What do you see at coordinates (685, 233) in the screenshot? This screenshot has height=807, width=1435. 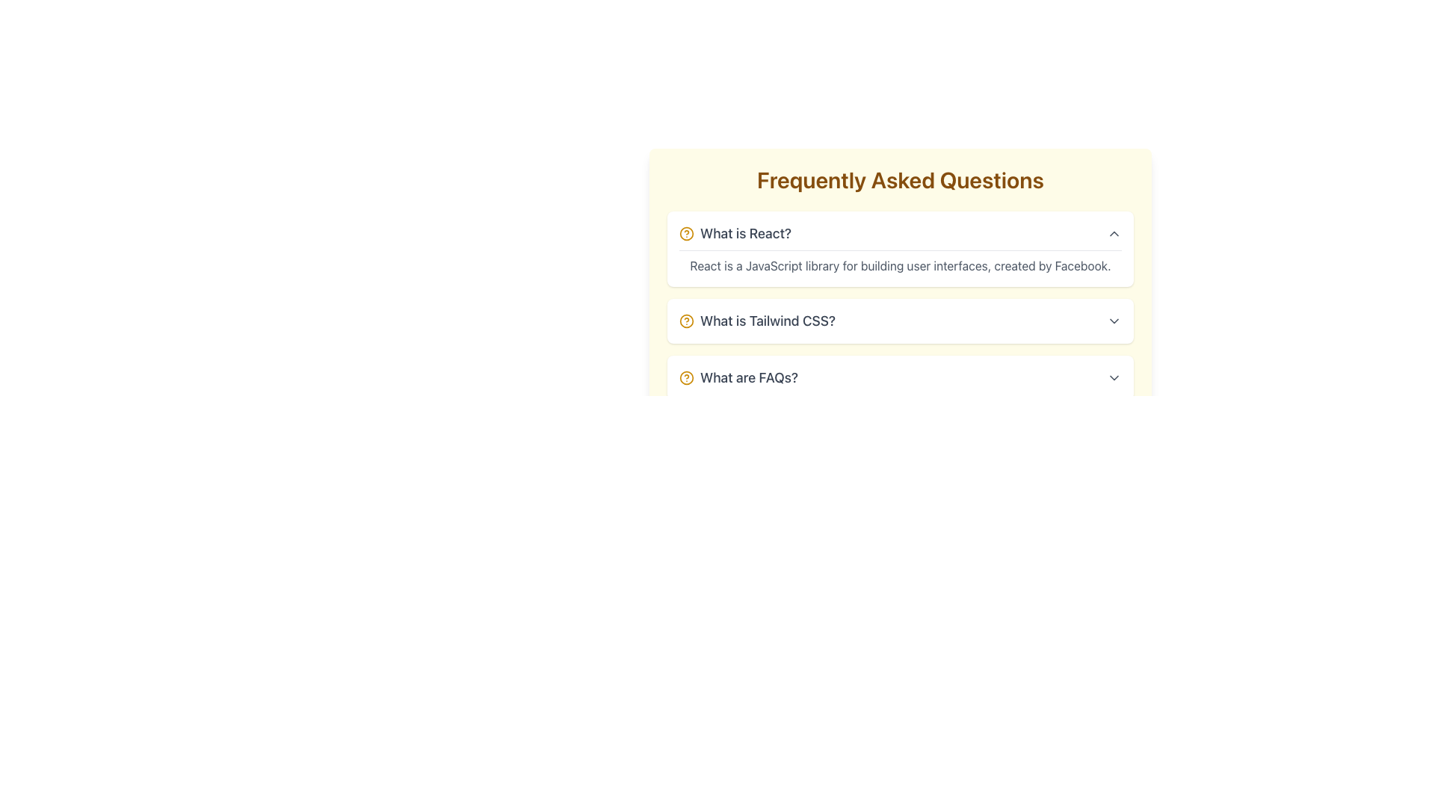 I see `the help icon representing the question 'What is React?' located at the beginning of its row in the FAQ list` at bounding box center [685, 233].